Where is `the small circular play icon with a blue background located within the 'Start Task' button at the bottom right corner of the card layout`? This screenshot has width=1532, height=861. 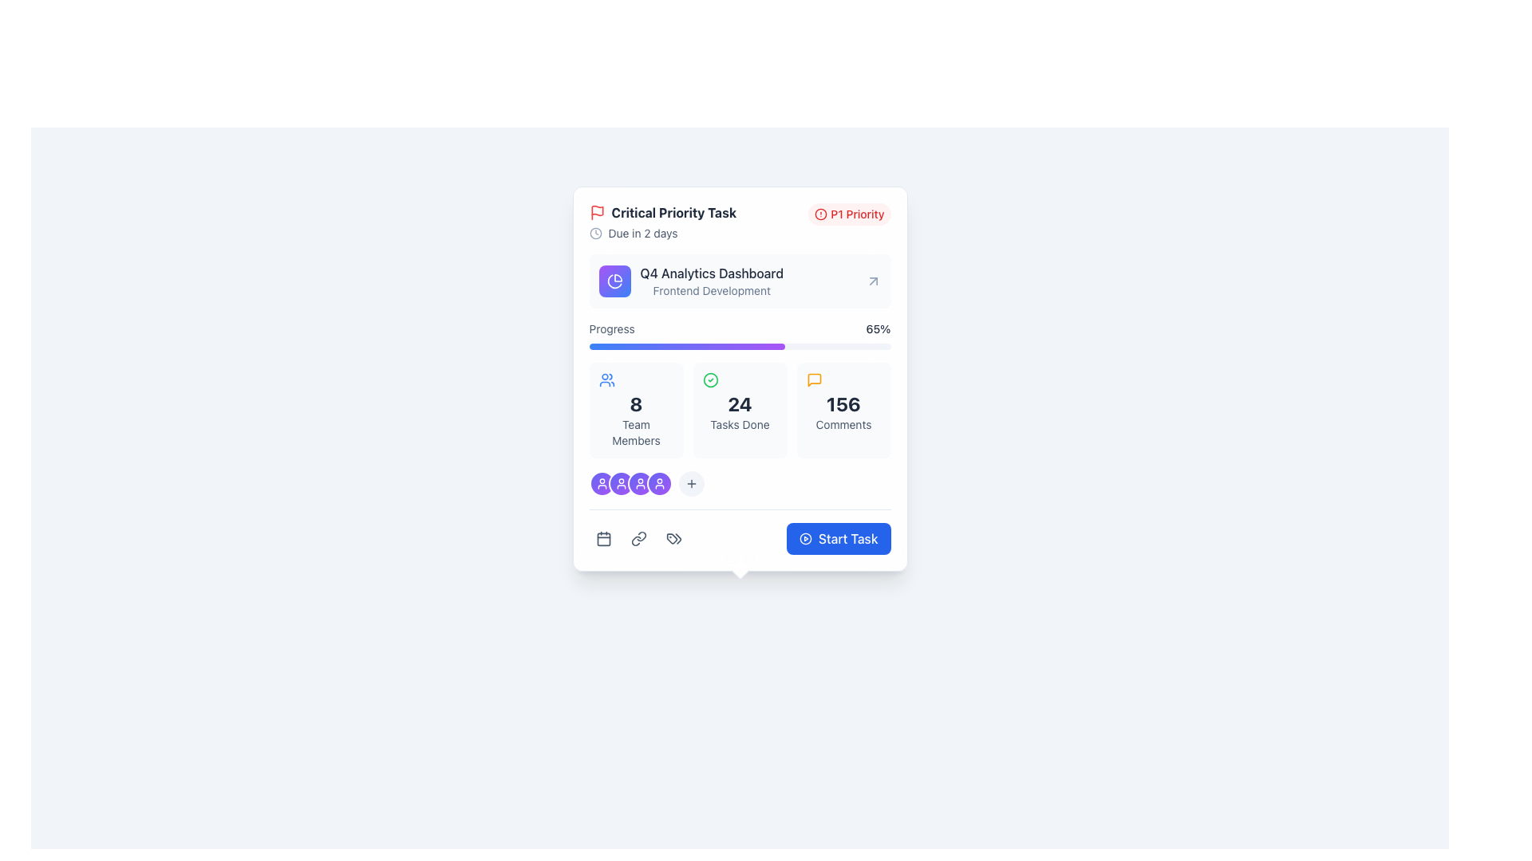
the small circular play icon with a blue background located within the 'Start Task' button at the bottom right corner of the card layout is located at coordinates (805, 538).